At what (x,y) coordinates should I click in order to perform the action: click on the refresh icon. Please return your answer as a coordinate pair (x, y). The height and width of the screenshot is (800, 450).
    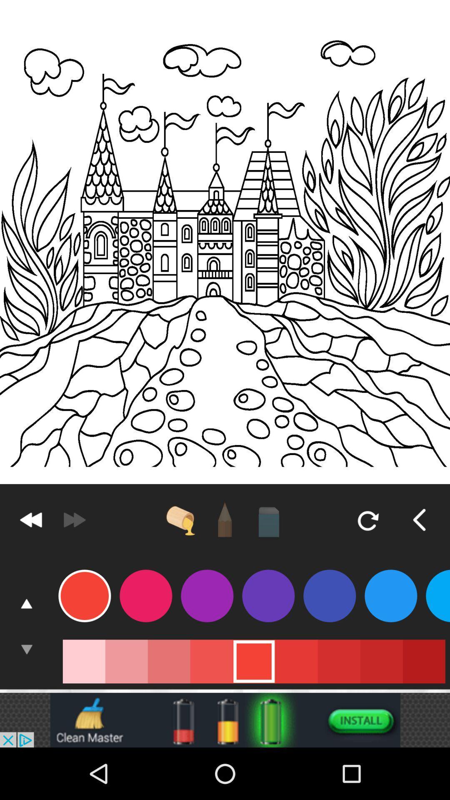
    Looking at the image, I should click on (366, 556).